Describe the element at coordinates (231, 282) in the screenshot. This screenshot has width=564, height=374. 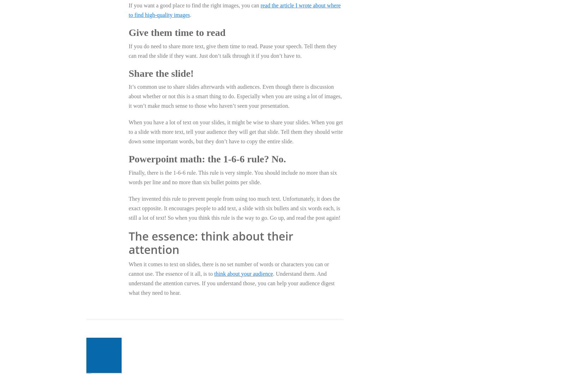
I see `'. Understand them. And understand the attention curves. If you understand those, you can help your audience digest what they need to hear.'` at that location.